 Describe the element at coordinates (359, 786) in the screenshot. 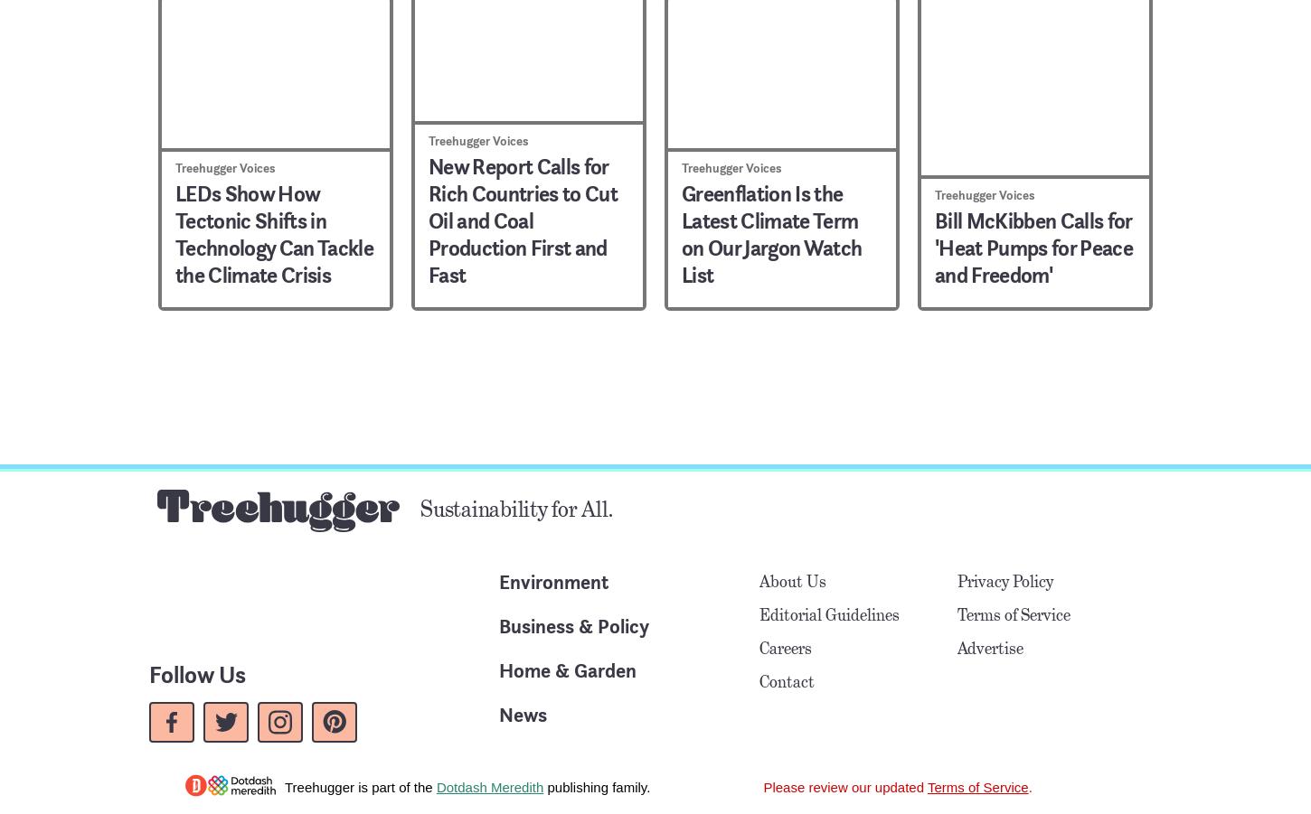

I see `'Treehugger is part of the'` at that location.